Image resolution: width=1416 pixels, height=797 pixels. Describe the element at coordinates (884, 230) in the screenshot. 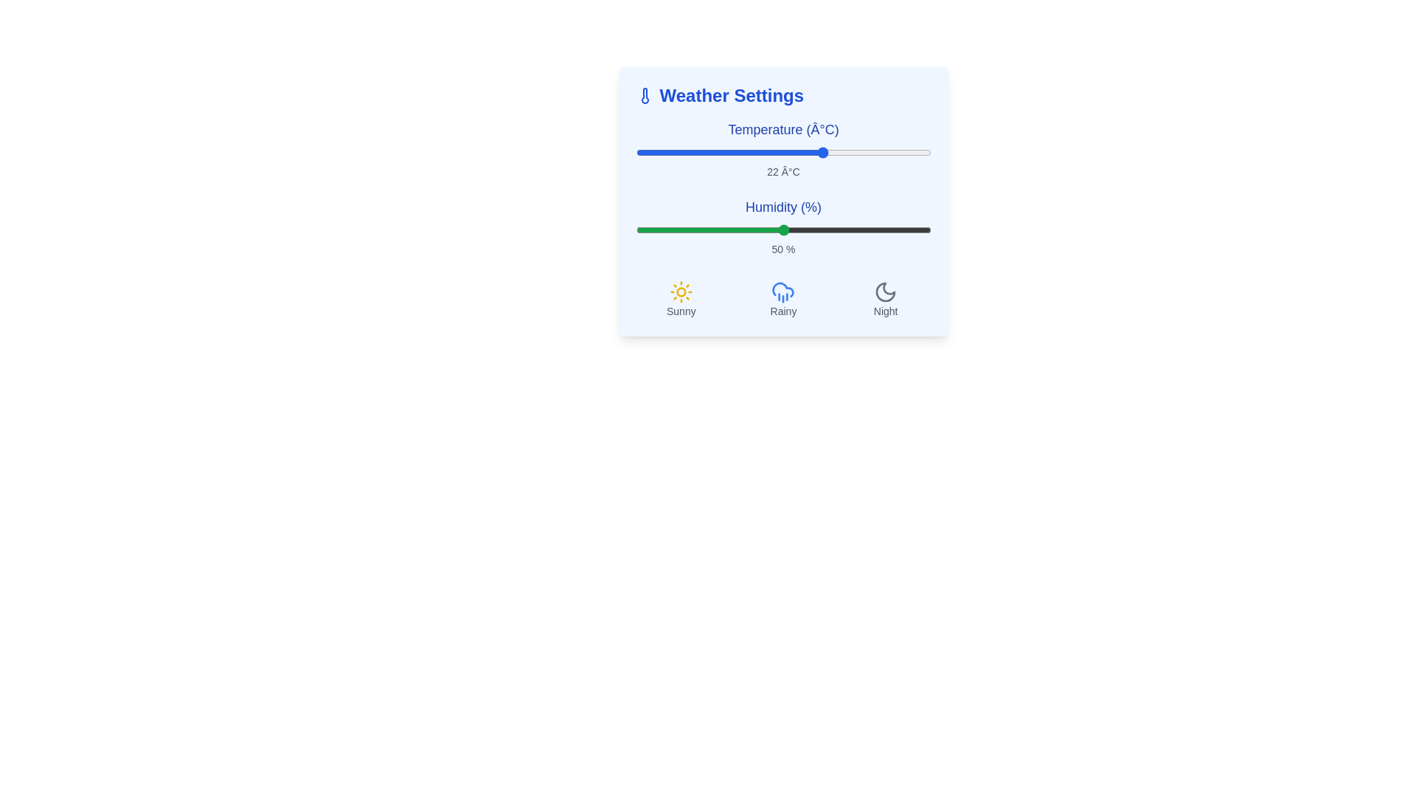

I see `the humidity` at that location.